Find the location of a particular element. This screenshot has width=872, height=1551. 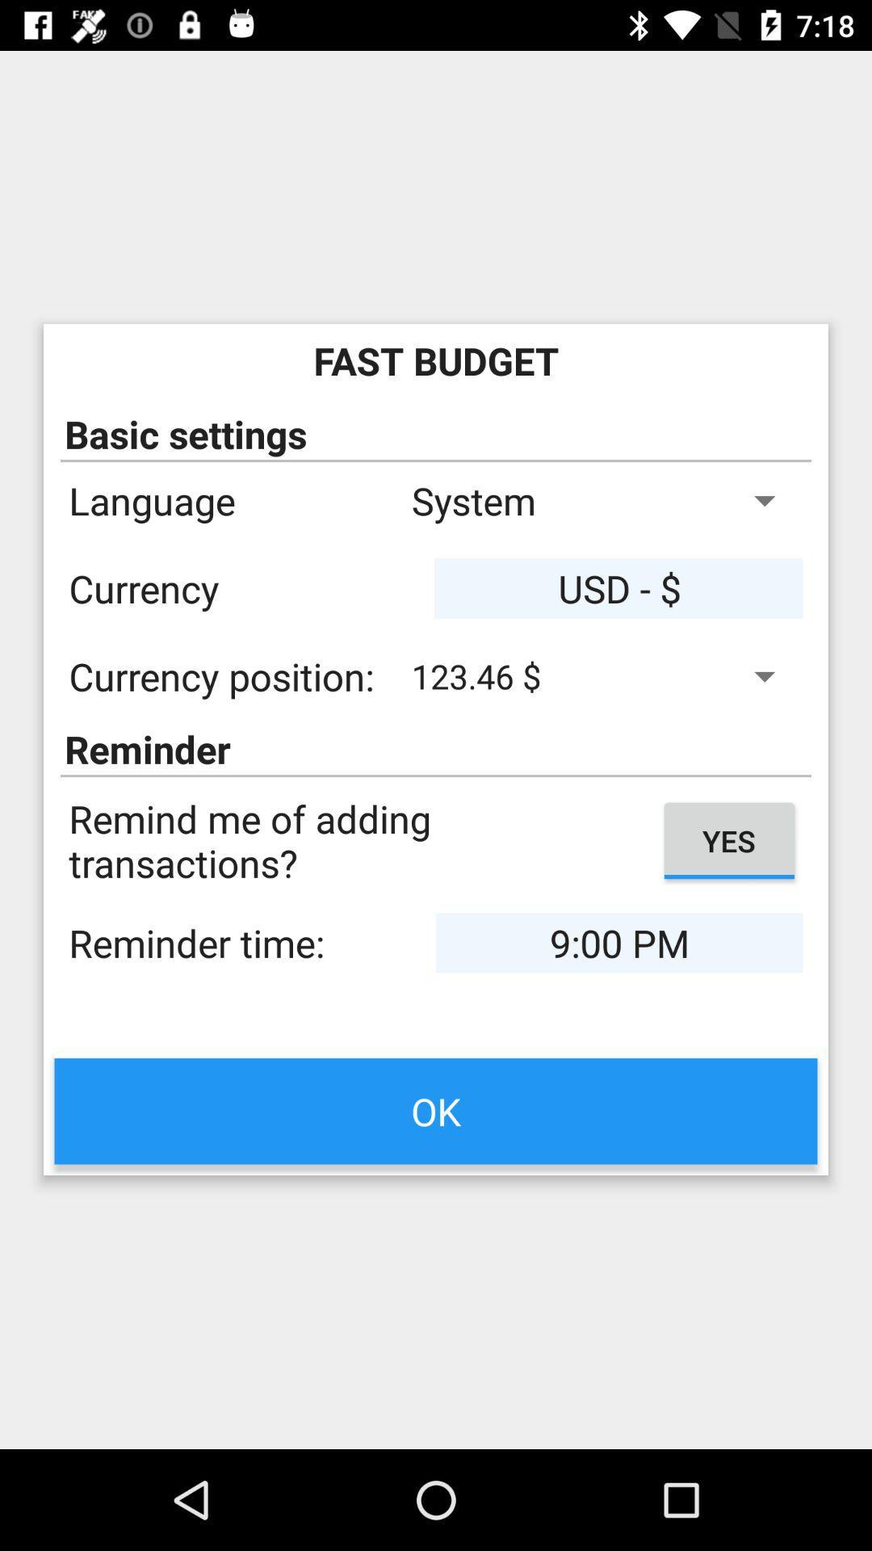

usd is located at coordinates (618, 588).